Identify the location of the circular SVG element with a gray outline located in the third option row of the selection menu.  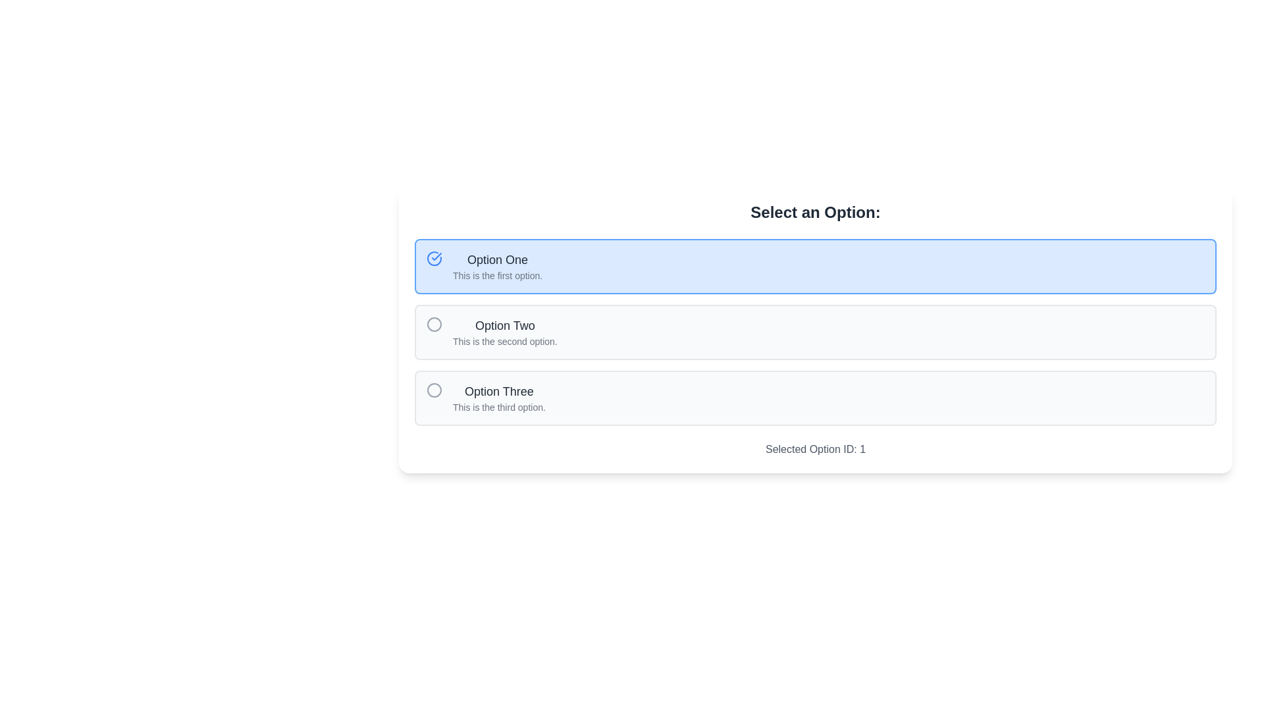
(434, 390).